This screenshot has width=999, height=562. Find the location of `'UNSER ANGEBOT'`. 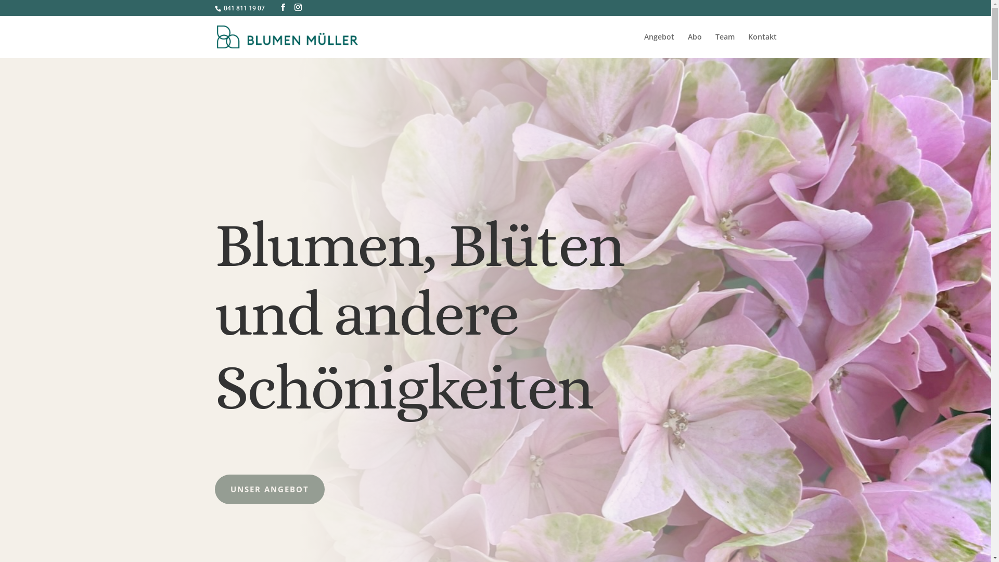

'UNSER ANGEBOT' is located at coordinates (269, 490).